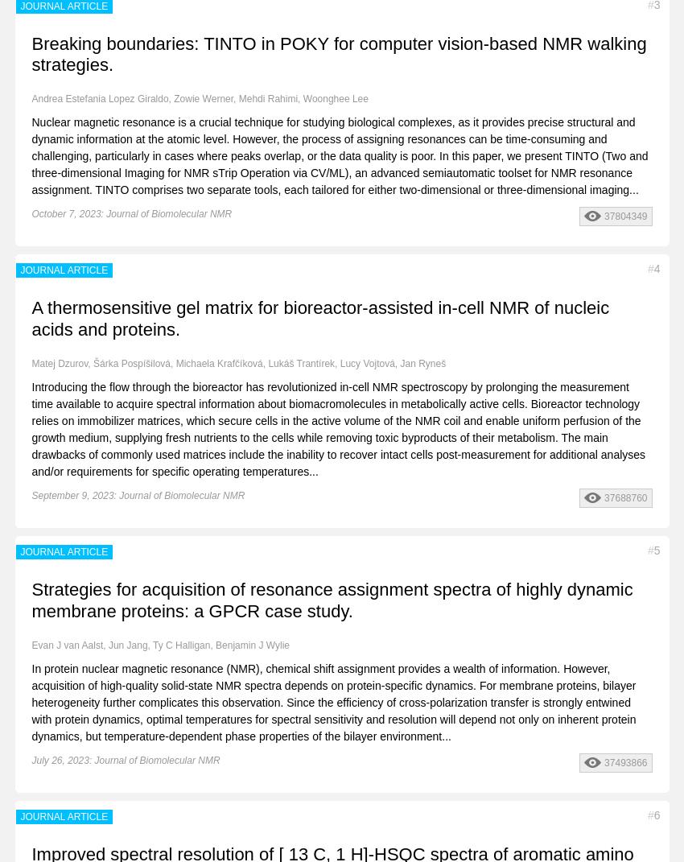 This screenshot has width=684, height=862. I want to click on '4', so click(657, 268).